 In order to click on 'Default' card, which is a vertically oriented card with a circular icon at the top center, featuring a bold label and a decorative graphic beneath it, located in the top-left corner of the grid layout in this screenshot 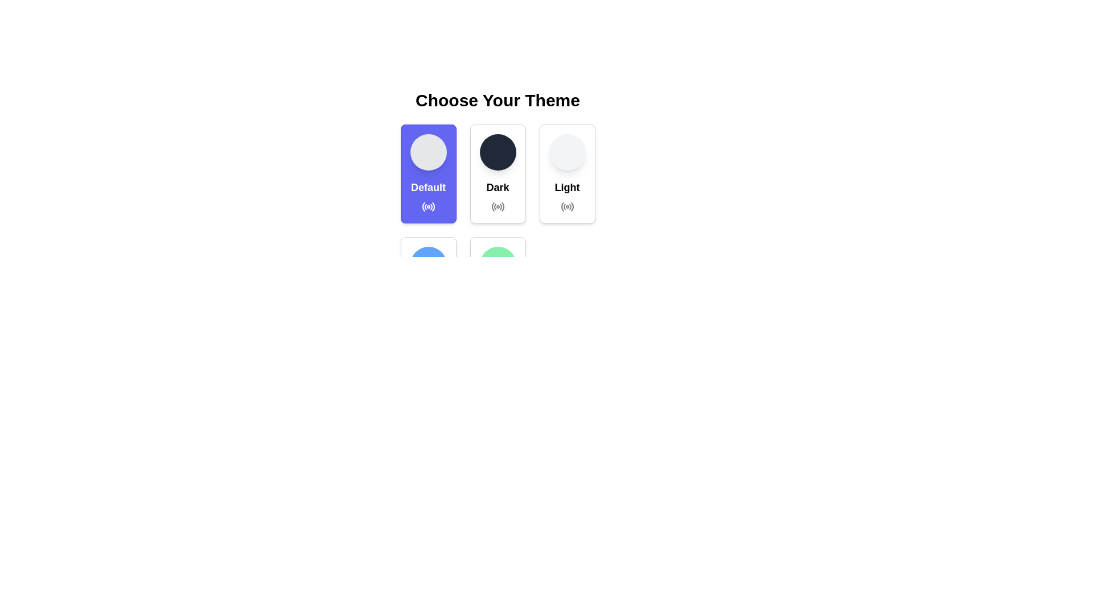, I will do `click(428, 173)`.